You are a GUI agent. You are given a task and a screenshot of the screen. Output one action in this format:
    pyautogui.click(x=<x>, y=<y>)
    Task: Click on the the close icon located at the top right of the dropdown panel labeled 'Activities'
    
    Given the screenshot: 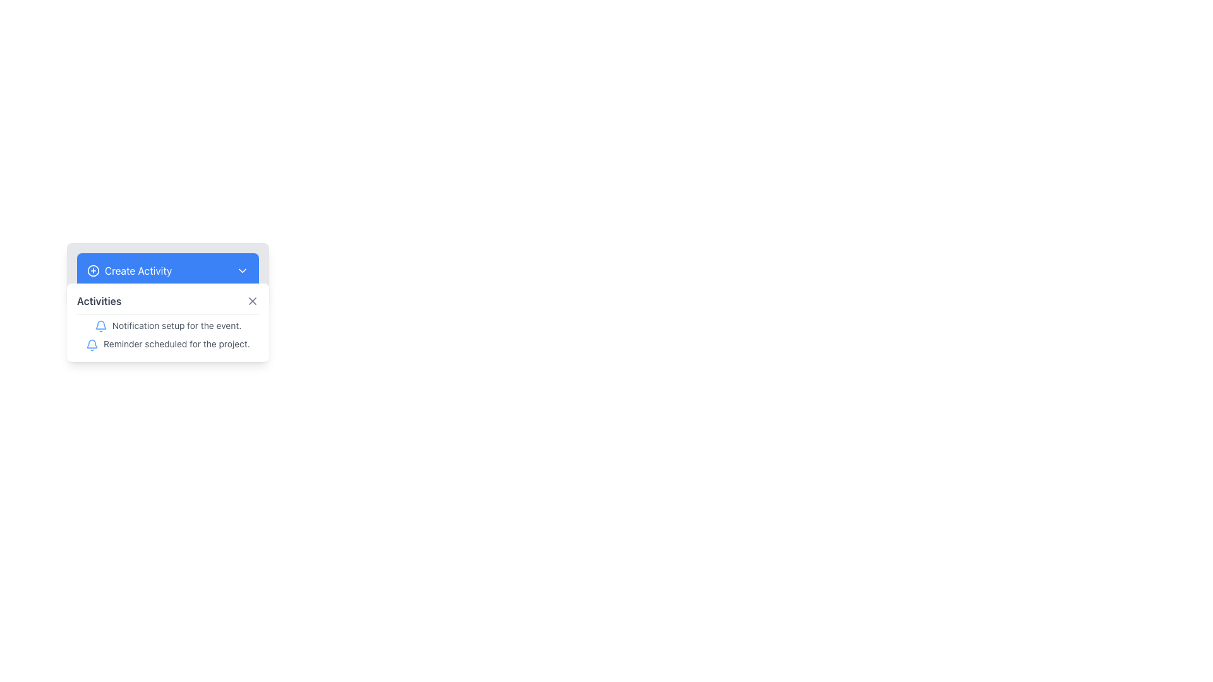 What is the action you would take?
    pyautogui.click(x=252, y=301)
    